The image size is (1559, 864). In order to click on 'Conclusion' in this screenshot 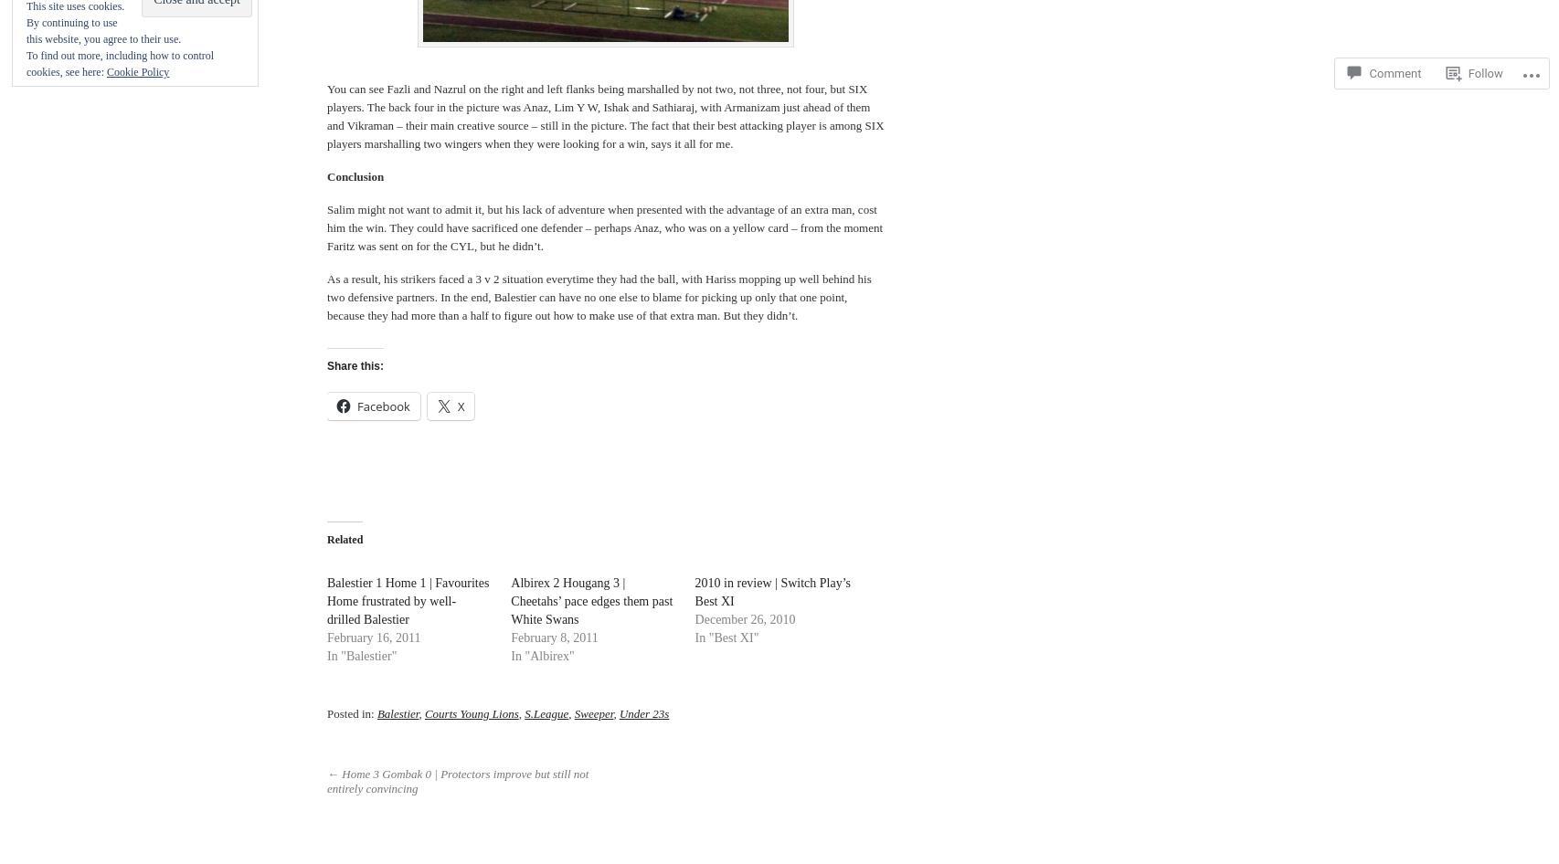, I will do `click(355, 176)`.